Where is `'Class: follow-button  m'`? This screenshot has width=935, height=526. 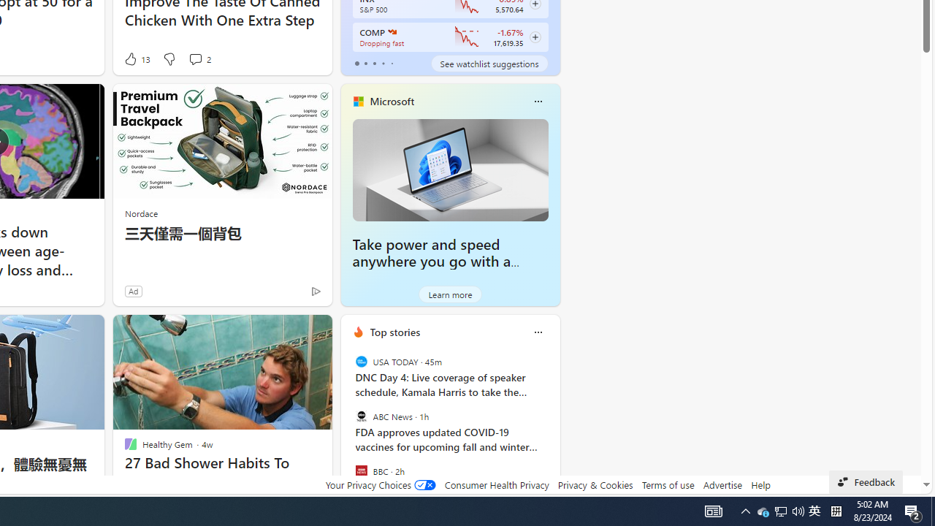 'Class: follow-button  m' is located at coordinates (534, 37).